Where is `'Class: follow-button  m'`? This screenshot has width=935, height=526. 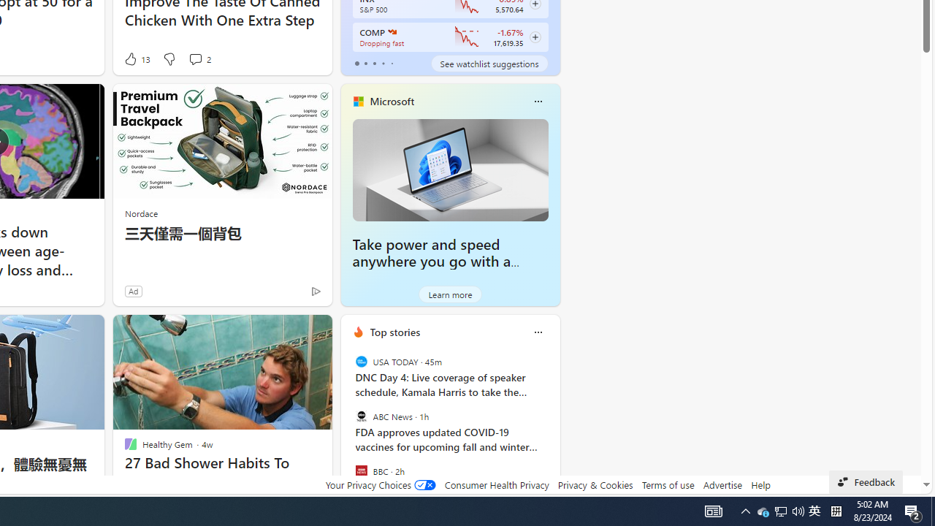 'Class: follow-button  m' is located at coordinates (534, 37).